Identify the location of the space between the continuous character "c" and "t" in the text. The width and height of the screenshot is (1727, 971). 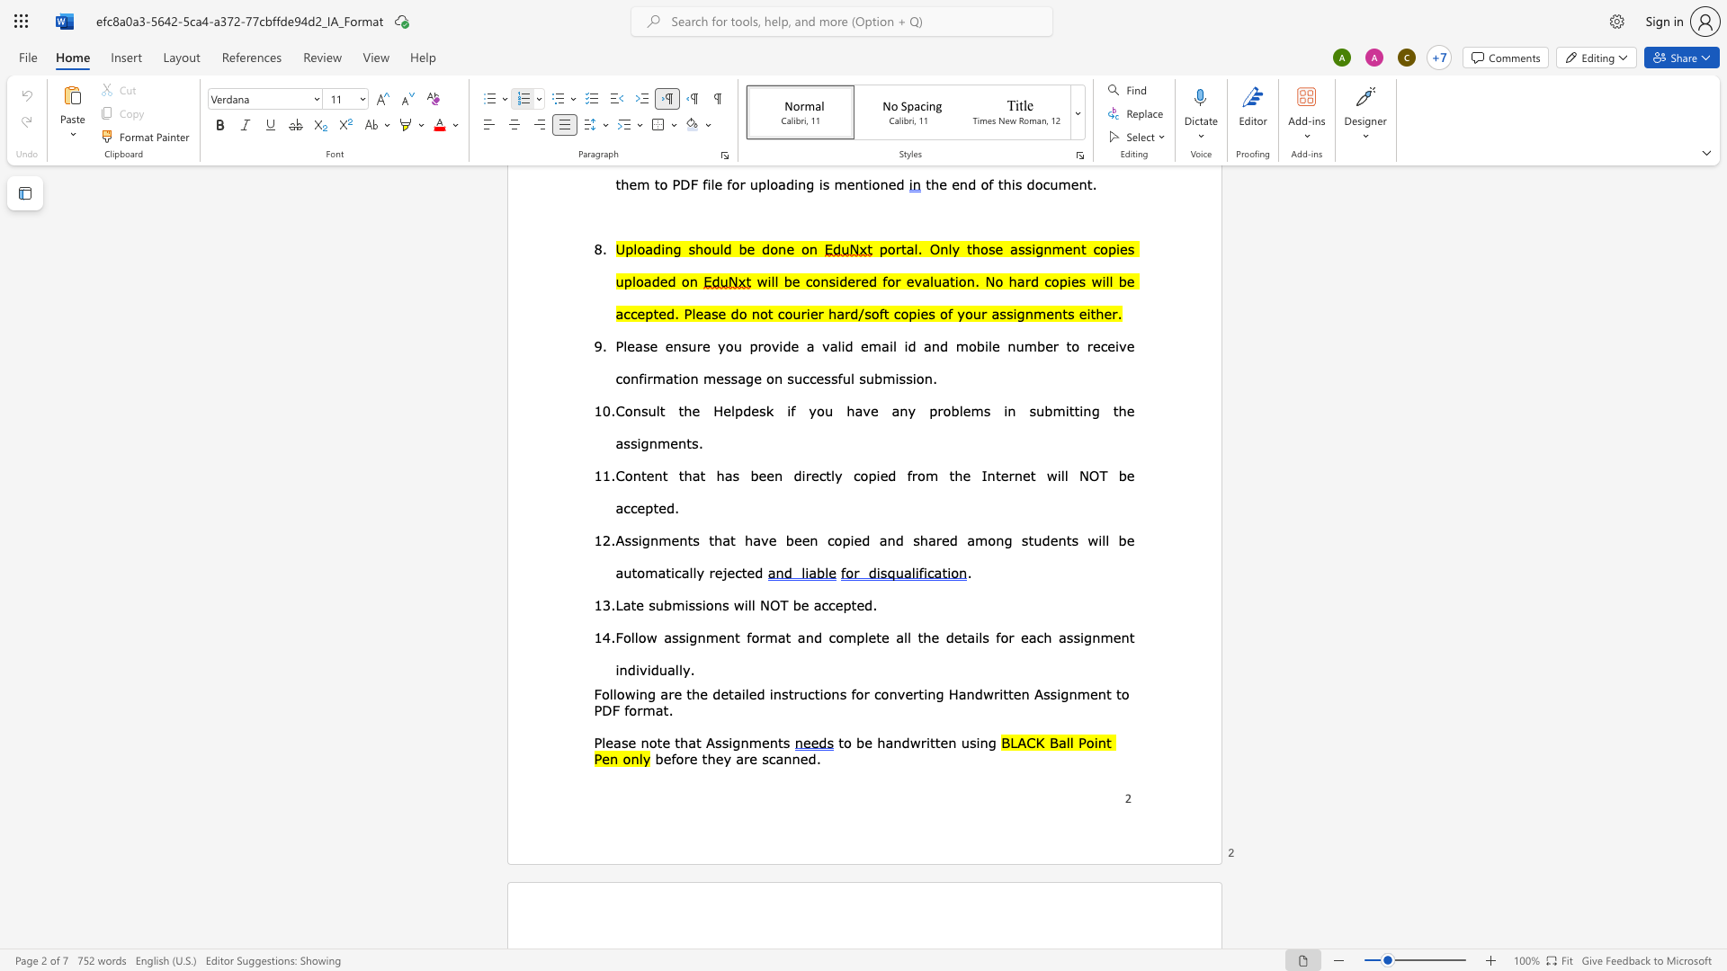
(813, 692).